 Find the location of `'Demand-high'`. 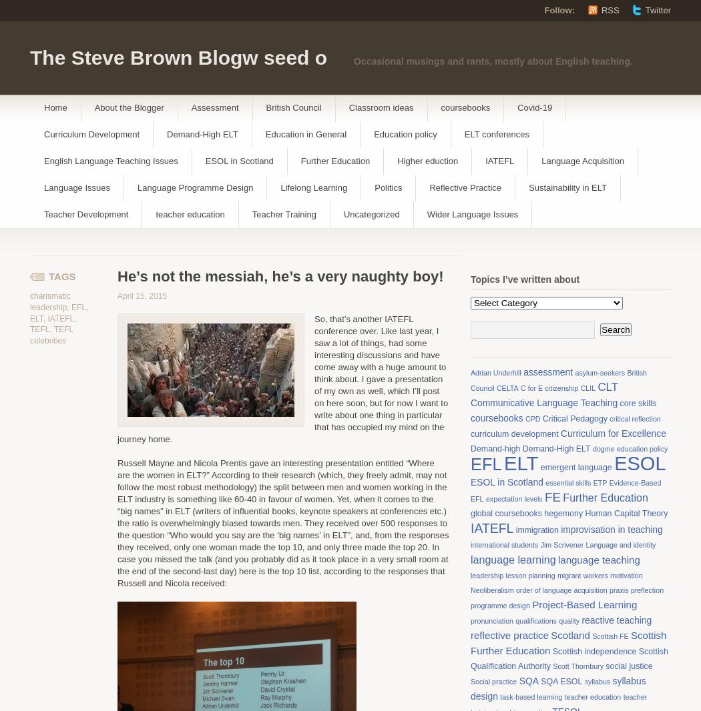

'Demand-high' is located at coordinates (495, 448).